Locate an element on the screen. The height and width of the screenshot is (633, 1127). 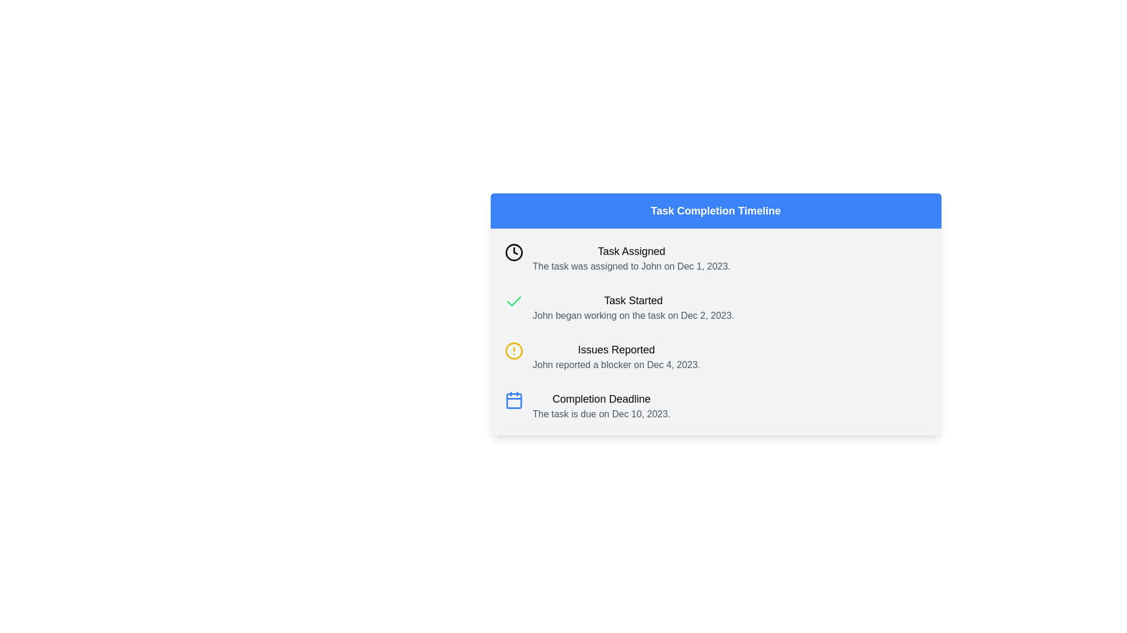
the deadline icon located at the far left of the 'Completion Deadline' section in the 'Task Completion Timeline' is located at coordinates (514, 399).